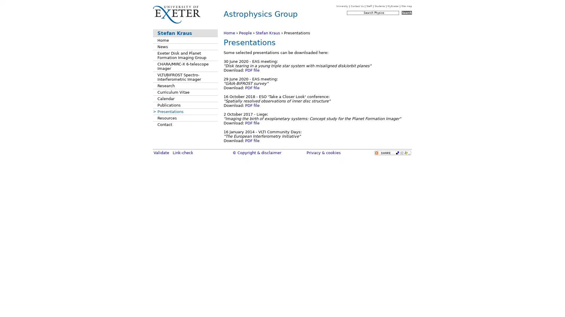  I want to click on Search, so click(406, 13).